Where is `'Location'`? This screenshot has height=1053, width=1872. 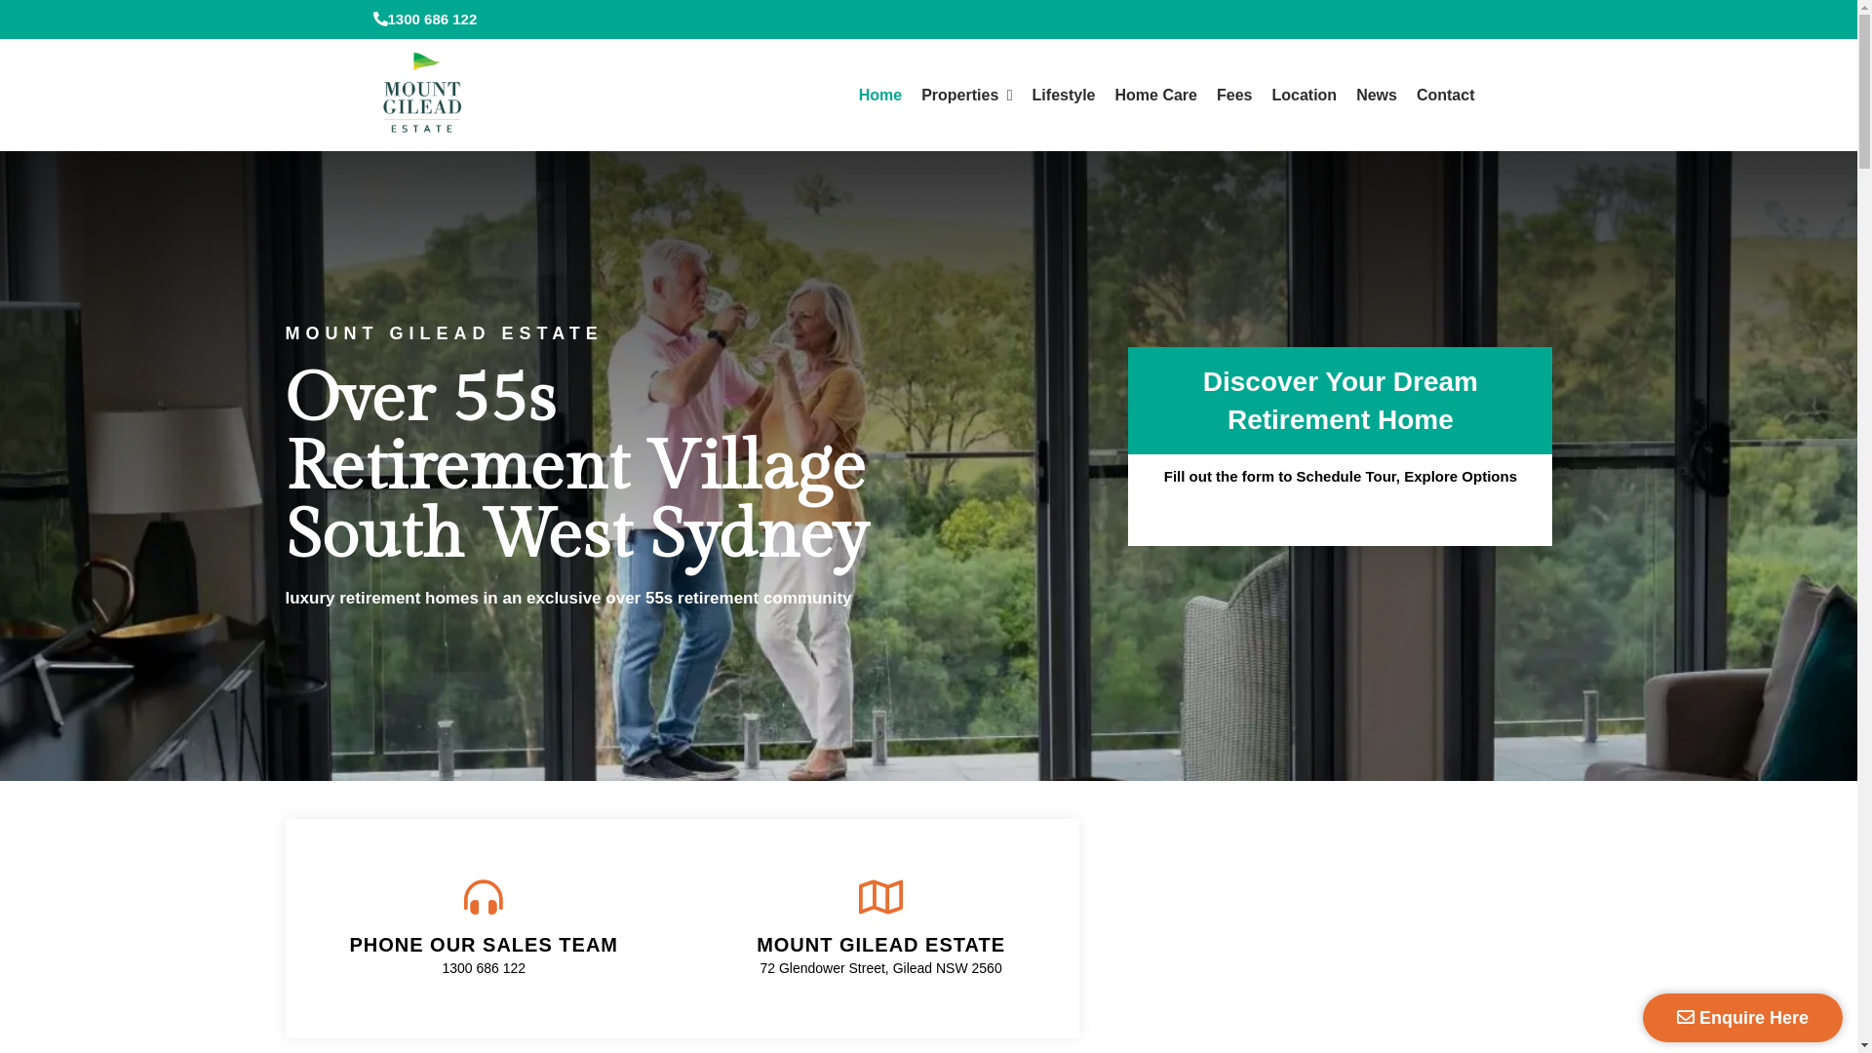 'Location' is located at coordinates (1304, 95).